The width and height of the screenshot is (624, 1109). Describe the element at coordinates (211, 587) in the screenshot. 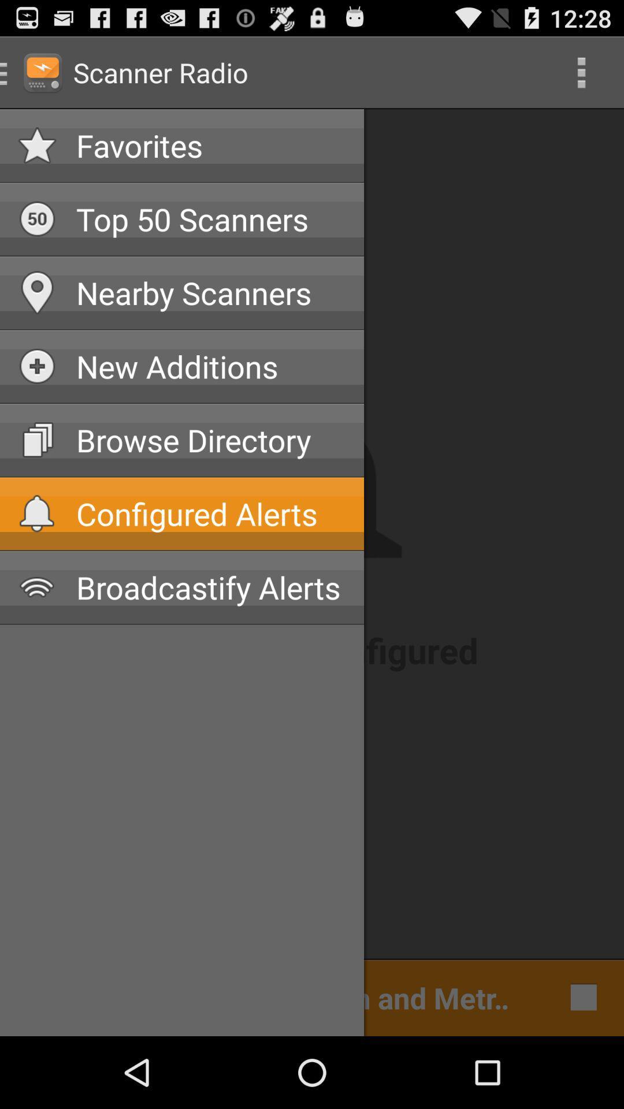

I see `the broadcastify alerts item` at that location.